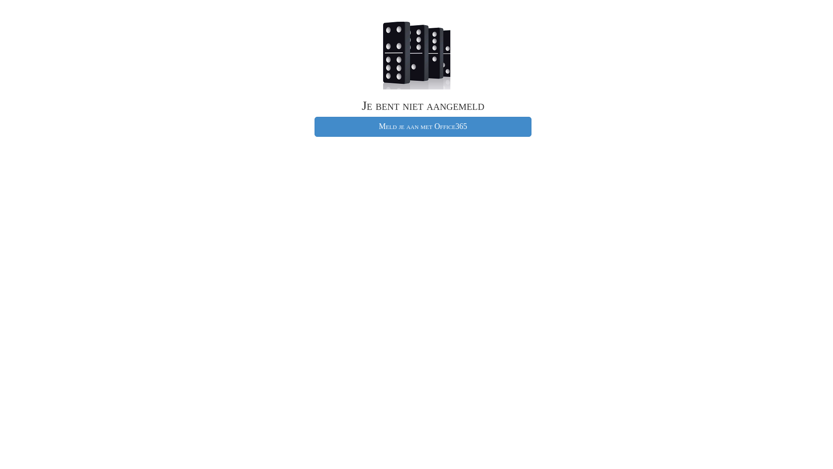 This screenshot has width=833, height=469. What do you see at coordinates (423, 127) in the screenshot?
I see `'Meld je aan met Office365'` at bounding box center [423, 127].